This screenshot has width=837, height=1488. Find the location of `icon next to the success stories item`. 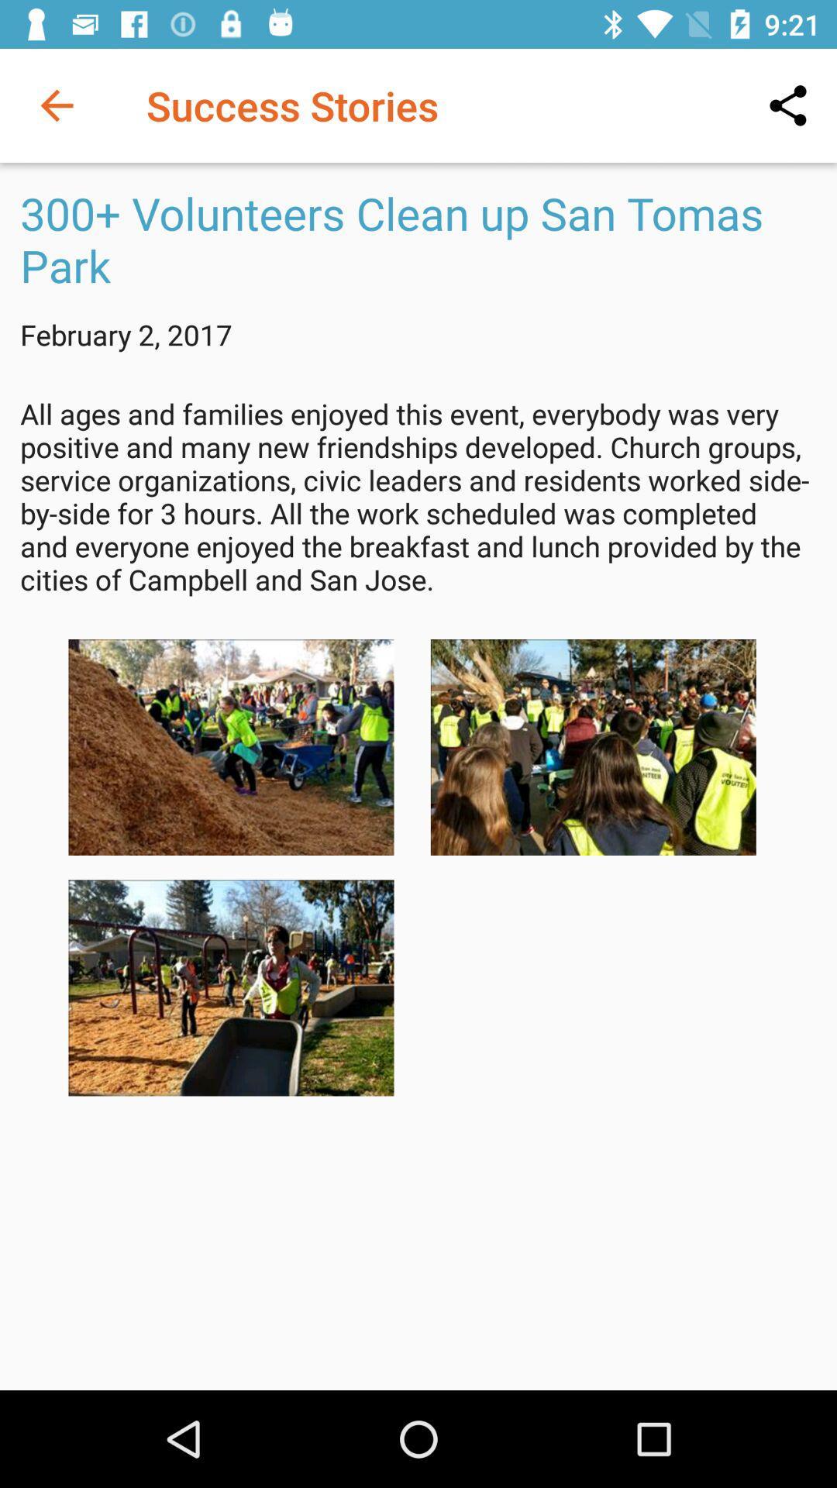

icon next to the success stories item is located at coordinates (56, 105).